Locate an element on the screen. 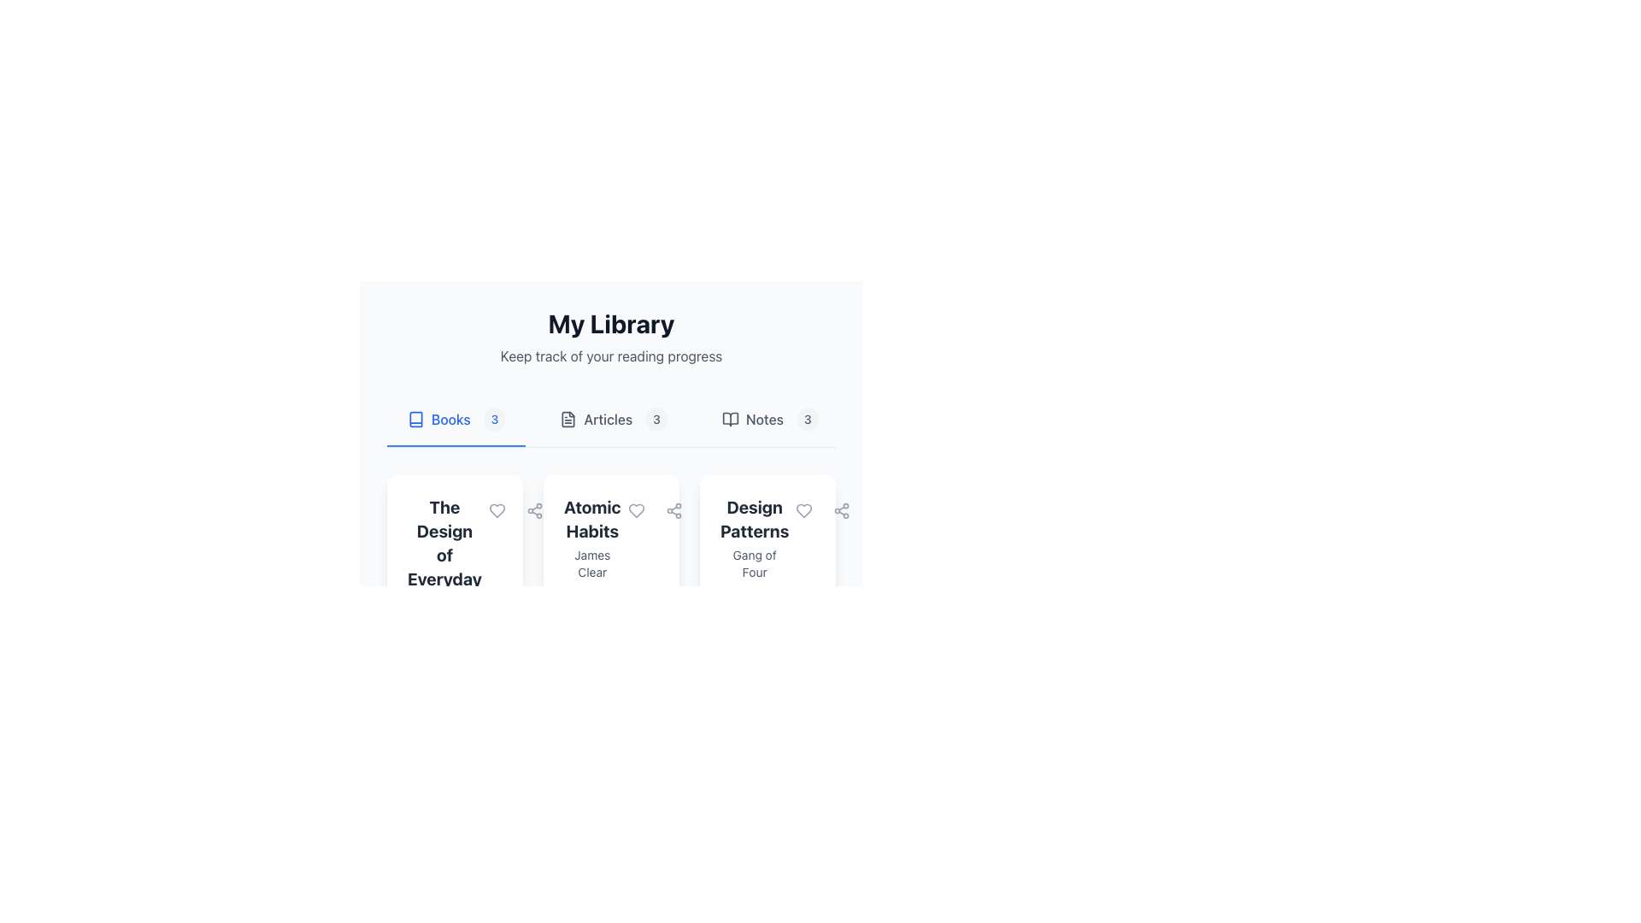 This screenshot has height=923, width=1641. dashboard or overview area located near the top center of the layout, which allows navigation of library contents and checking progress on various sections is located at coordinates (611, 423).